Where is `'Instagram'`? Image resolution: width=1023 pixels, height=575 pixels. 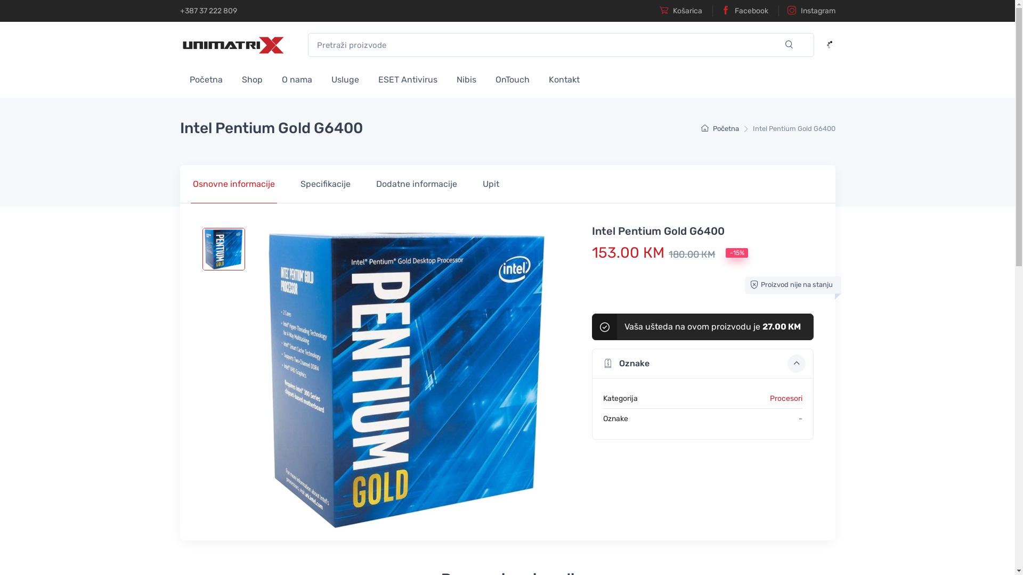
'Instagram' is located at coordinates (806, 11).